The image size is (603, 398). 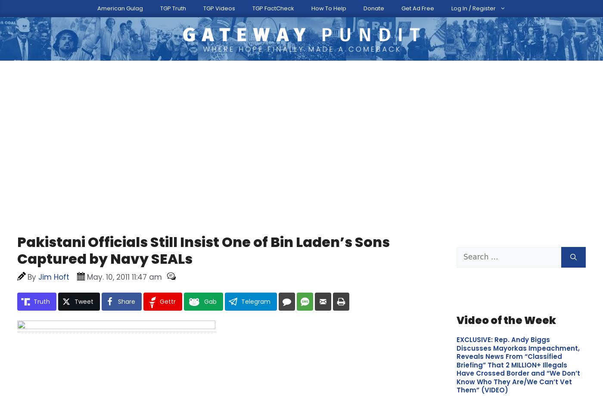 What do you see at coordinates (127, 253) in the screenshot?
I see `'Share'` at bounding box center [127, 253].